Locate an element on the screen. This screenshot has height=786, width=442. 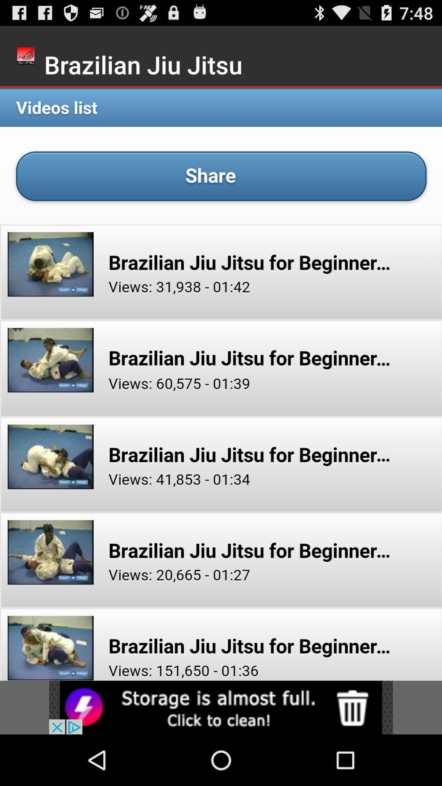
share brazilian jiu jitsu share in screen is located at coordinates (221, 383).